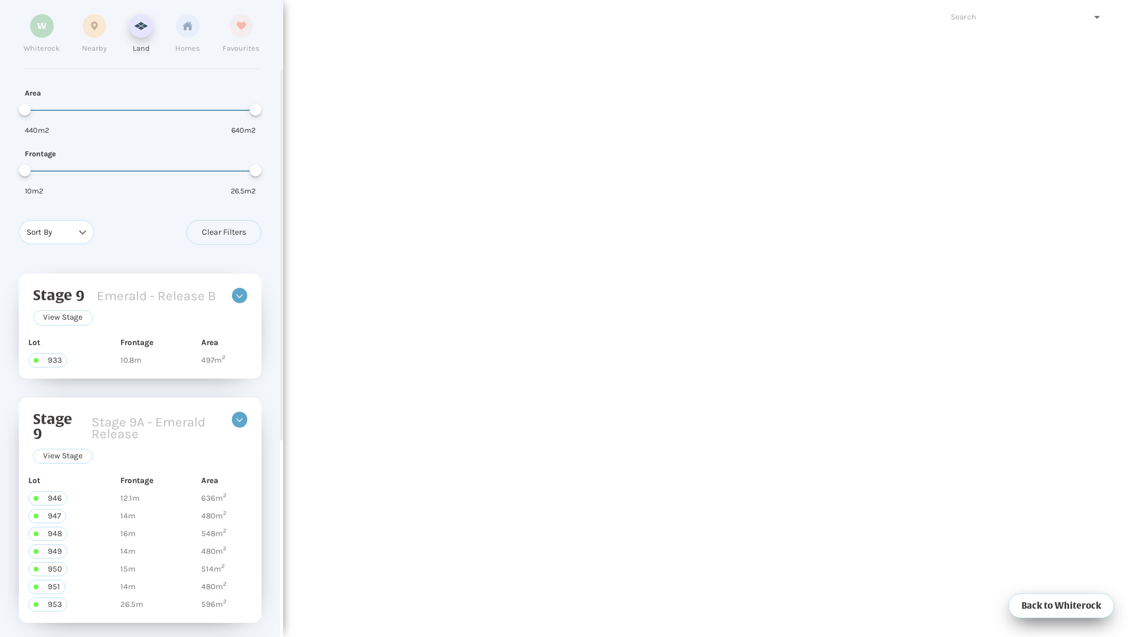  I want to click on 'Open', so click(1096, 17).